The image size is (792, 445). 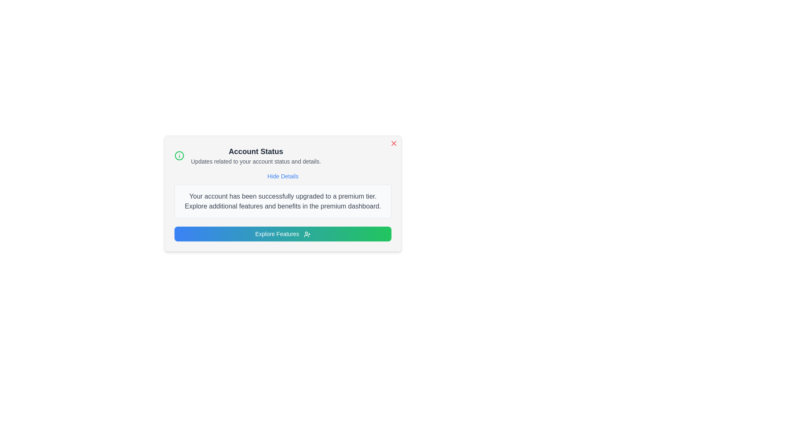 I want to click on the green information icon to observe its visual representation, so click(x=179, y=156).